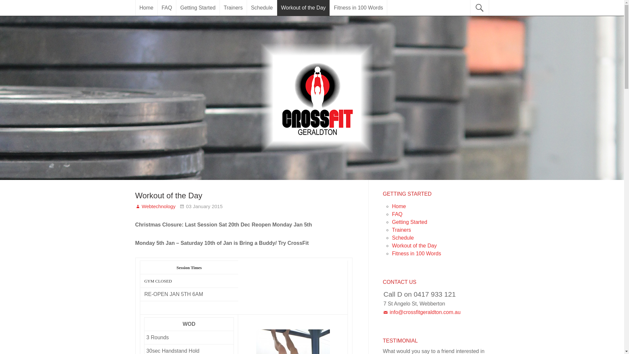 The height and width of the screenshot is (354, 629). Describe the element at coordinates (421, 312) in the screenshot. I see `'info@crossfitgeraldton.com.au'` at that location.